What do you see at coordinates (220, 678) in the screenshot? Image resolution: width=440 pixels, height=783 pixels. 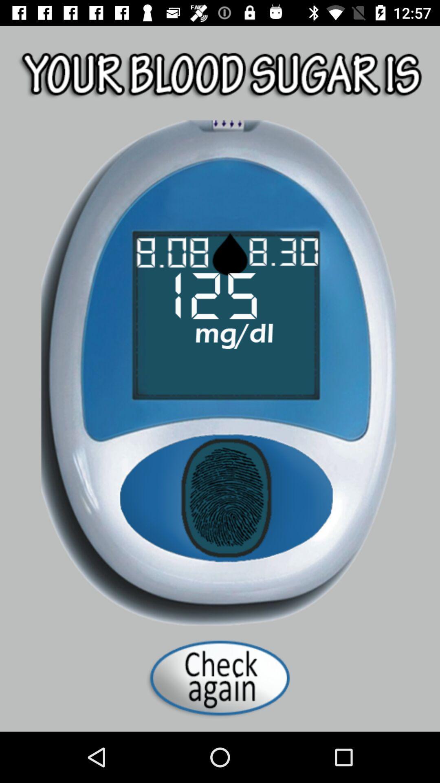 I see `check button` at bounding box center [220, 678].